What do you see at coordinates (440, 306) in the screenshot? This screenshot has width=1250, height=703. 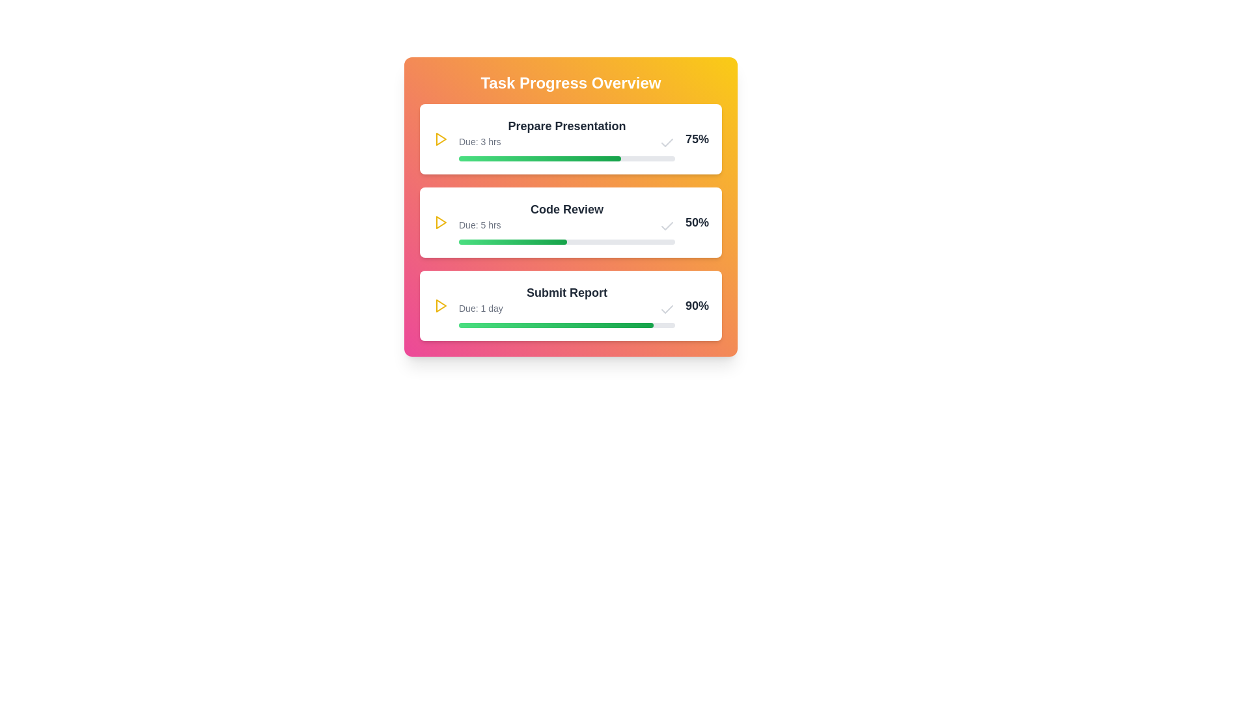 I see `the button or icon related to 'Submit Report'` at bounding box center [440, 306].